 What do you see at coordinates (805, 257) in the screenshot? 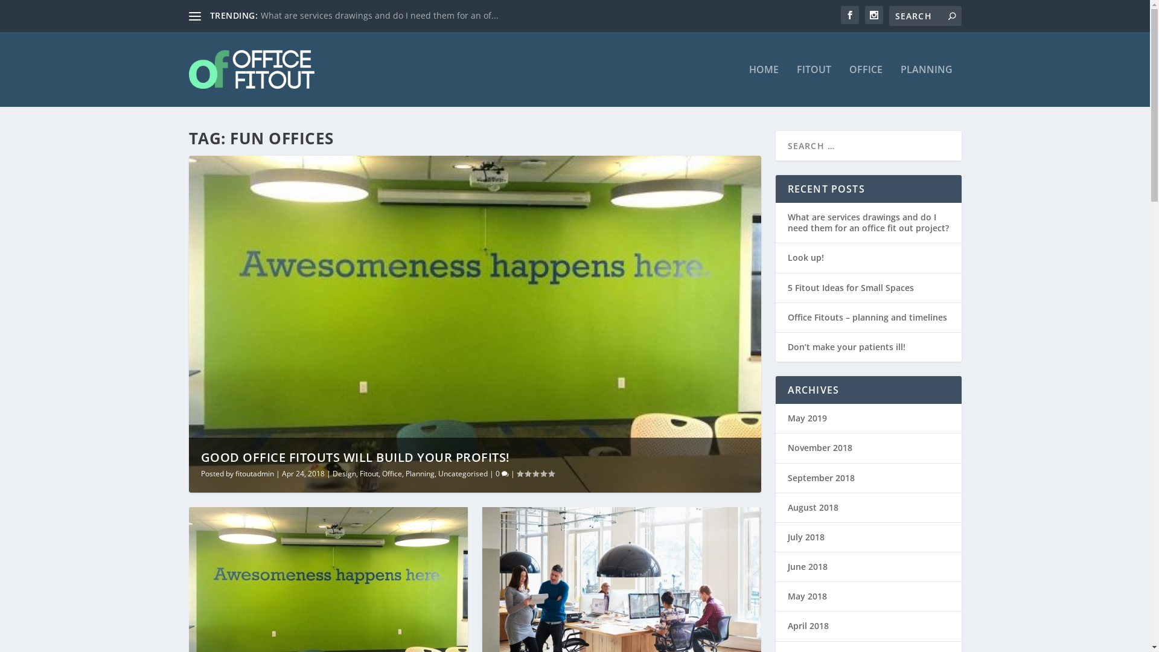
I see `'Look up!'` at bounding box center [805, 257].